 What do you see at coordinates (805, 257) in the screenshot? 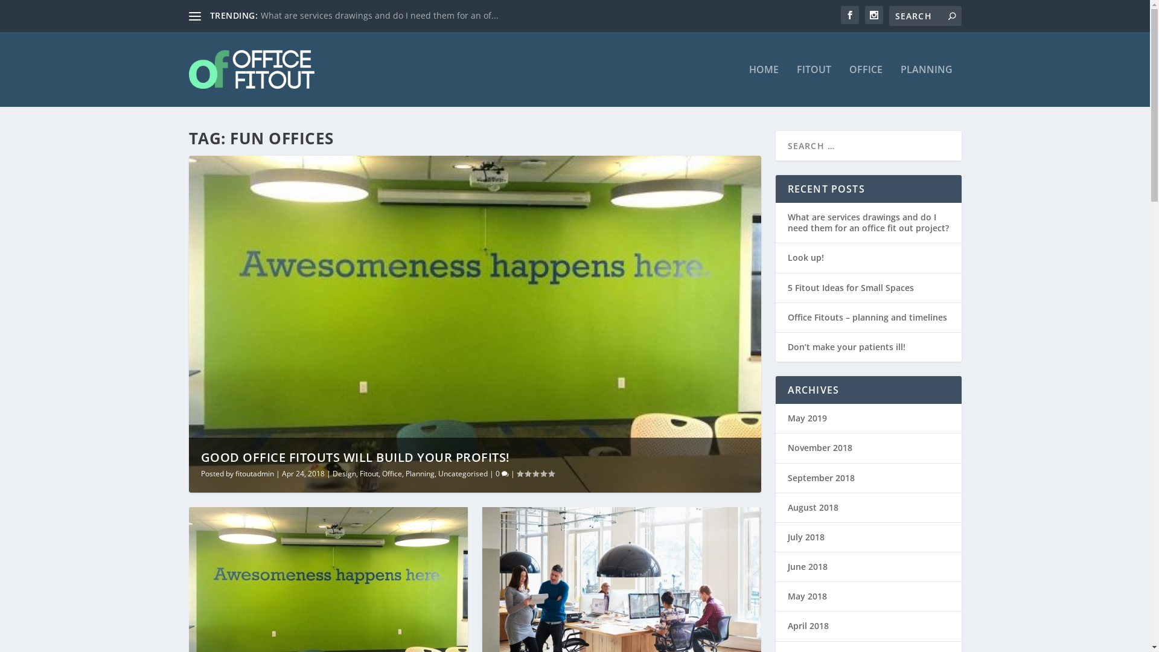
I see `'Look up!'` at bounding box center [805, 257].